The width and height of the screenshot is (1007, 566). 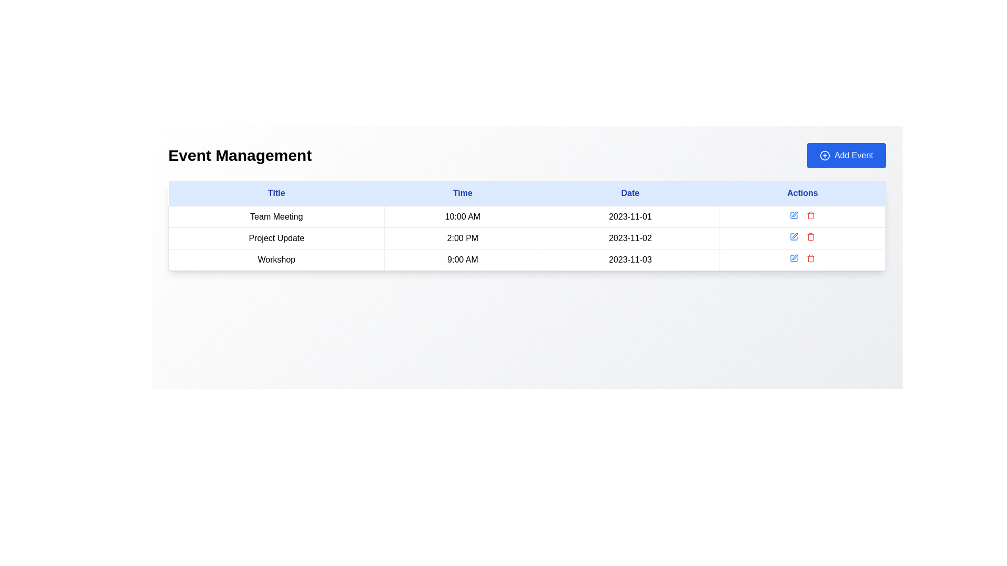 What do you see at coordinates (629, 193) in the screenshot?
I see `the 'Date' label, which is styled in blue font against a light blue background, located in the third position of the header row of the table between 'Time' and 'Actions'` at bounding box center [629, 193].